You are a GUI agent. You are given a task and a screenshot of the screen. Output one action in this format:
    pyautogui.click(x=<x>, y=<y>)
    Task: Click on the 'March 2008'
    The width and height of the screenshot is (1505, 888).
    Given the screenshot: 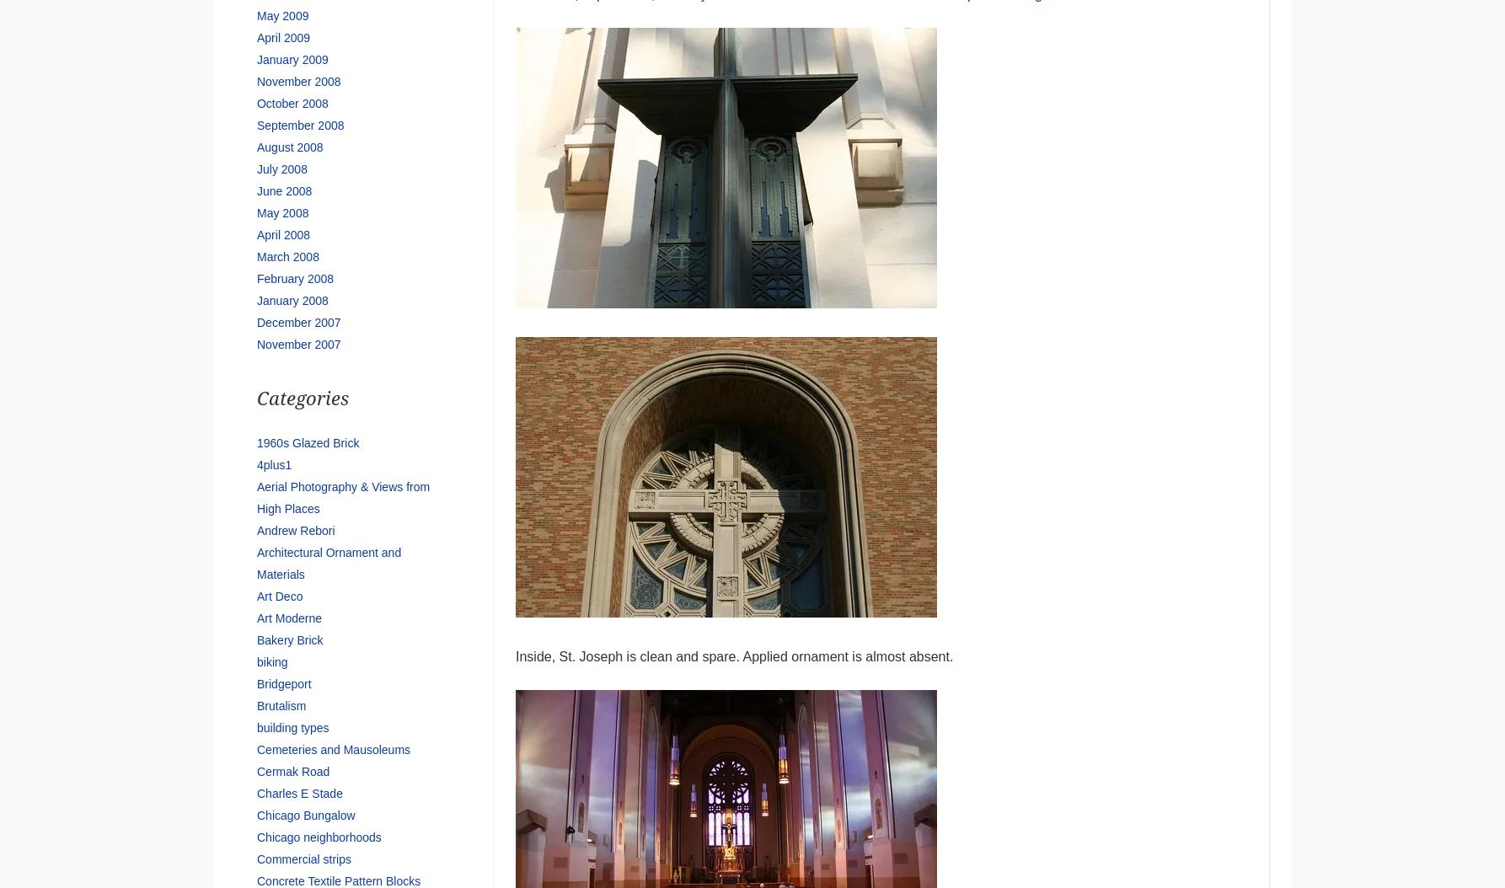 What is the action you would take?
    pyautogui.click(x=287, y=254)
    